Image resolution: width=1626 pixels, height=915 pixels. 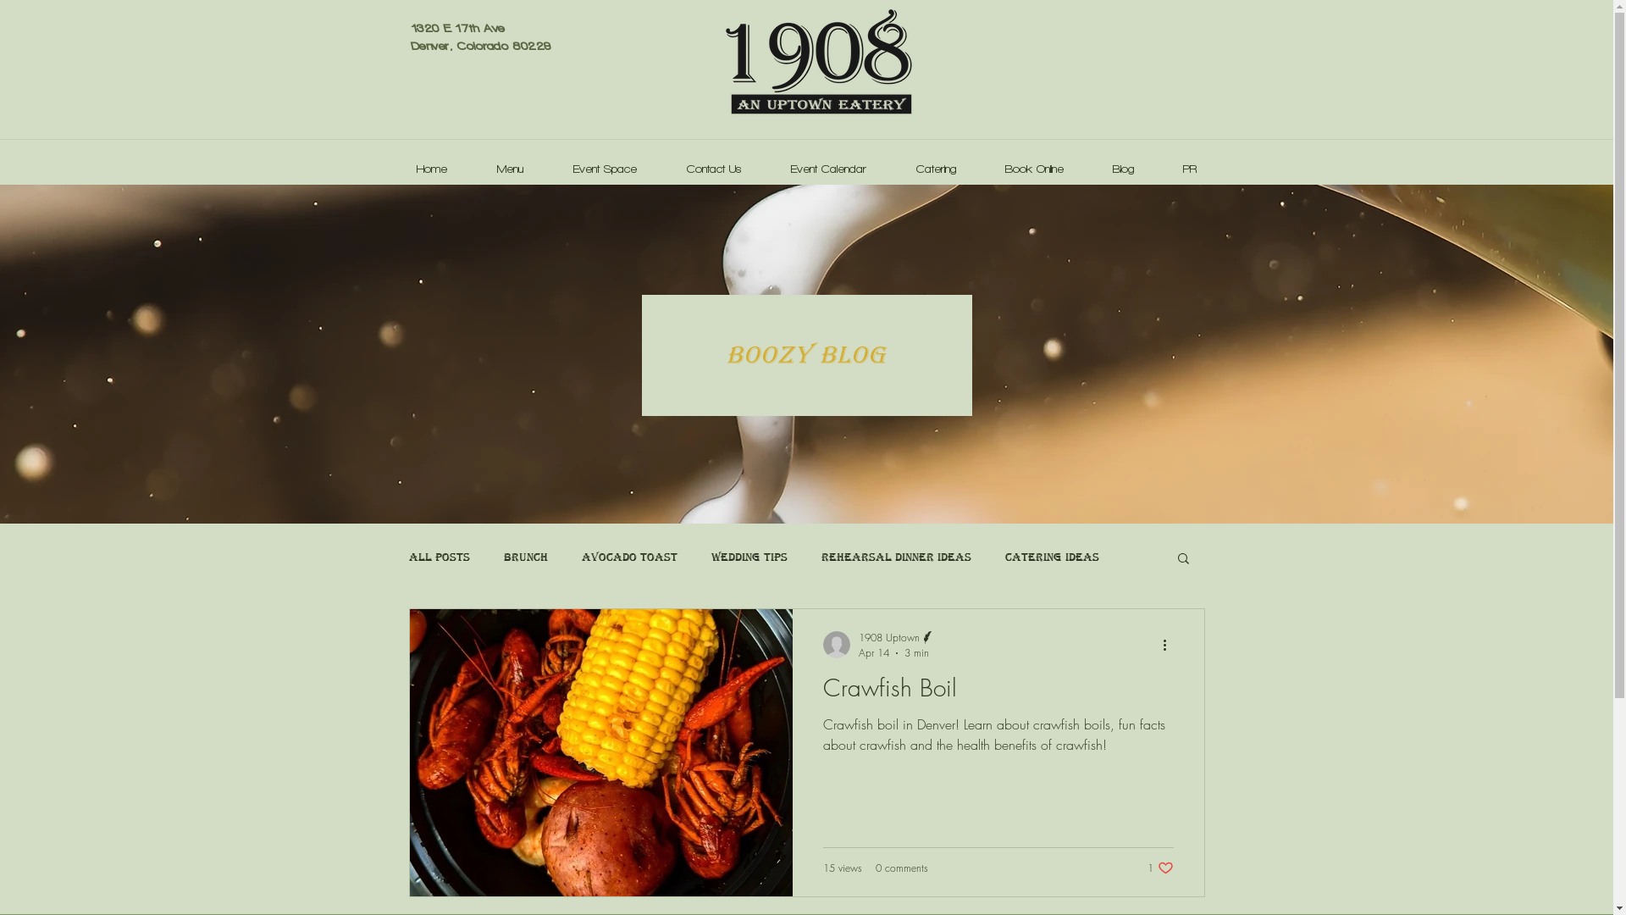 What do you see at coordinates (431, 162) in the screenshot?
I see `'Home'` at bounding box center [431, 162].